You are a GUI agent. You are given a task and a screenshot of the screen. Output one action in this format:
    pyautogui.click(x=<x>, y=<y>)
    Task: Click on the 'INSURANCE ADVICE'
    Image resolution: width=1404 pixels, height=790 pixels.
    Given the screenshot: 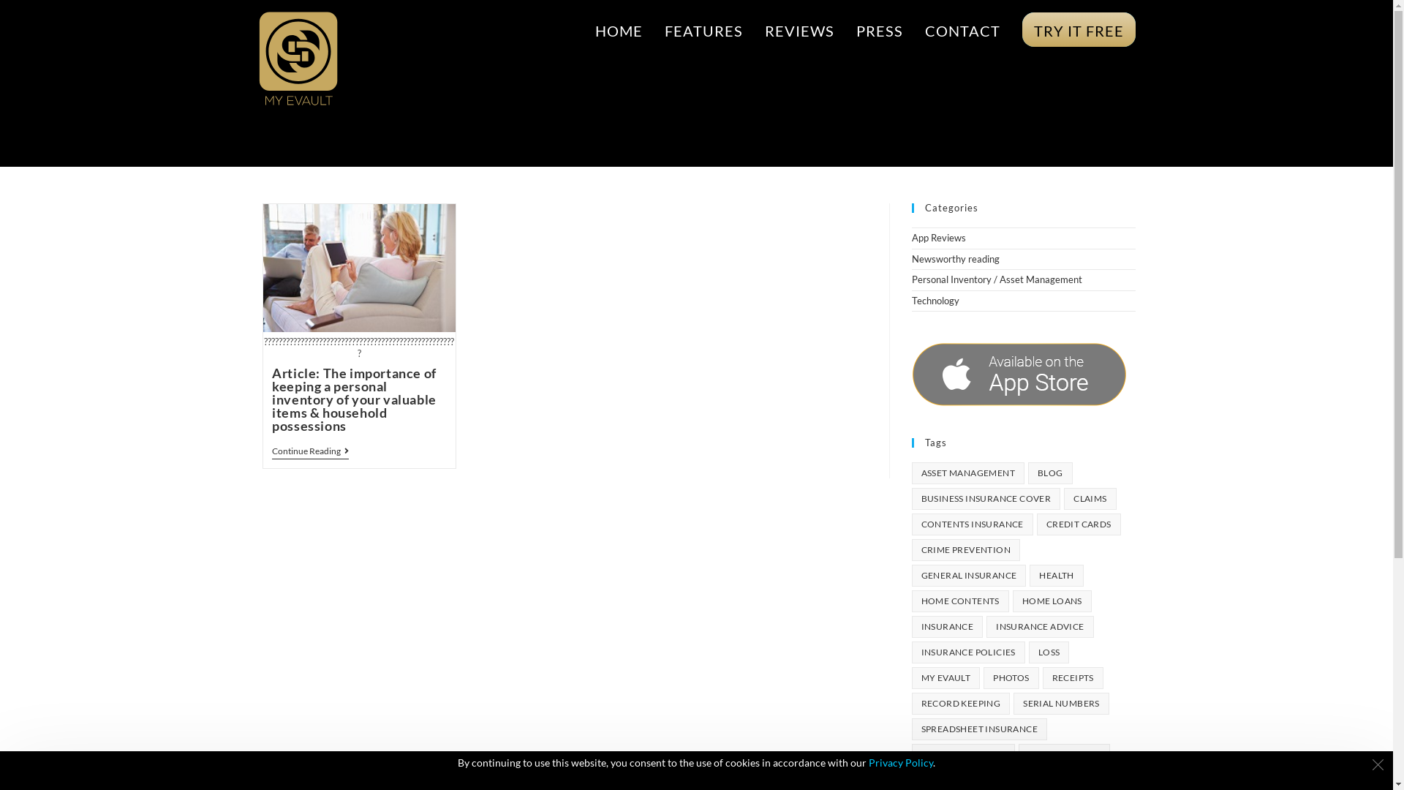 What is the action you would take?
    pyautogui.click(x=1038, y=625)
    